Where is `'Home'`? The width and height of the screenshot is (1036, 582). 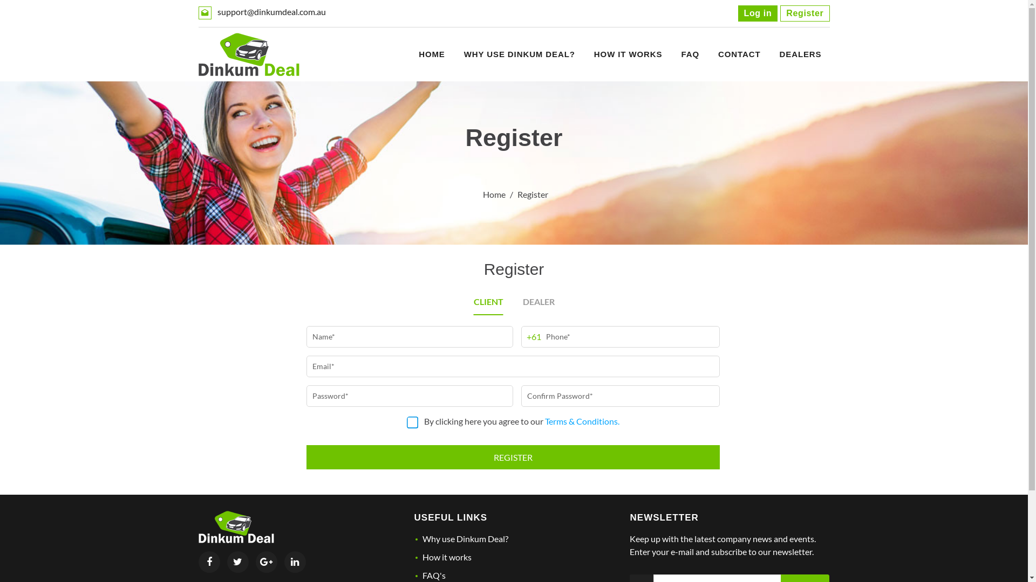
'Home' is located at coordinates (481, 194).